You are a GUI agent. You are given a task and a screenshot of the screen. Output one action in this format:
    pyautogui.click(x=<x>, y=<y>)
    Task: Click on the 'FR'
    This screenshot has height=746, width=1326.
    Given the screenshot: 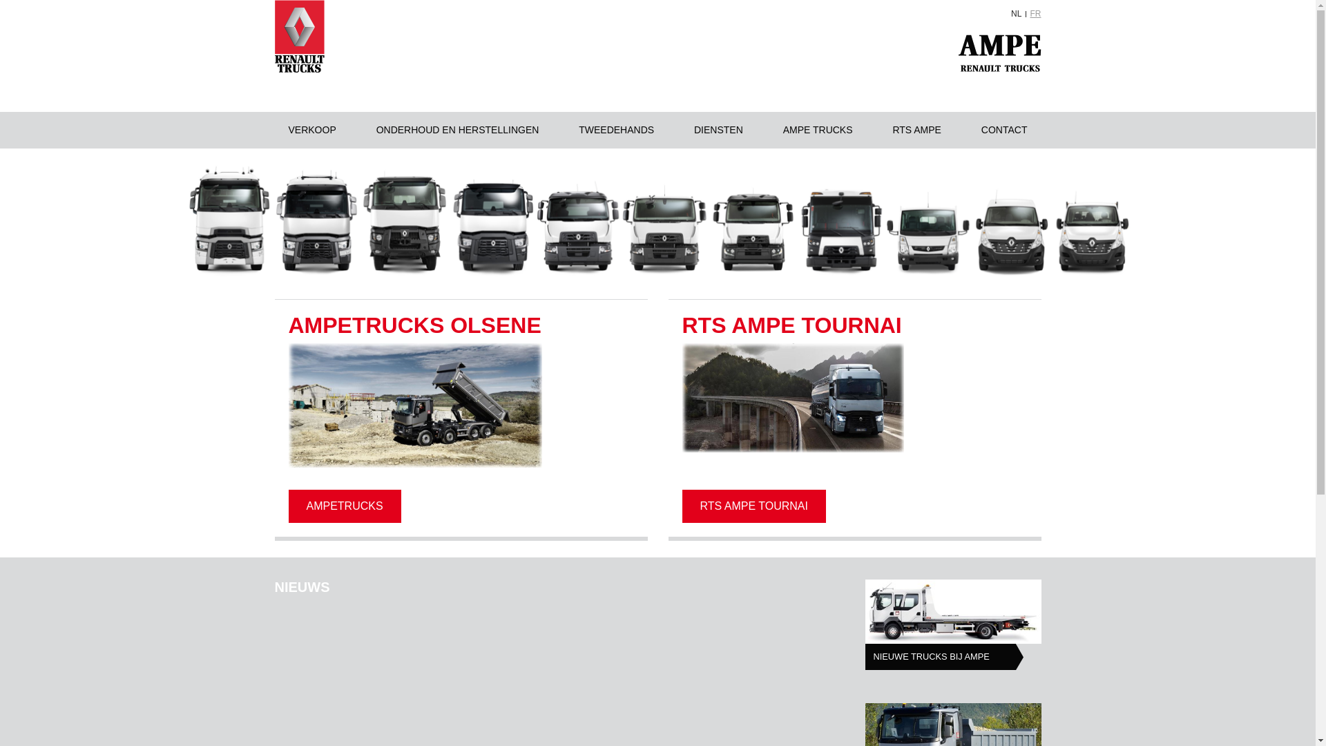 What is the action you would take?
    pyautogui.click(x=1035, y=13)
    